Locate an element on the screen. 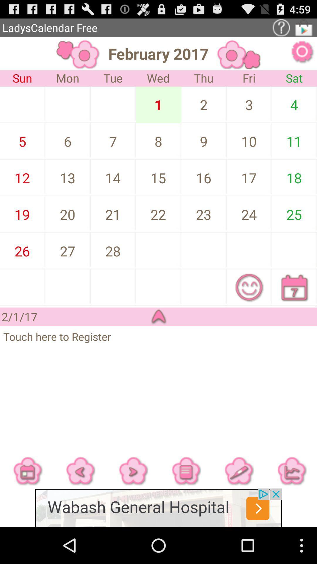  the settings icon is located at coordinates (302, 55).